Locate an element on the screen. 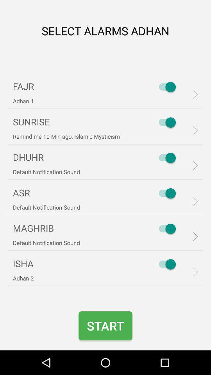 Image resolution: width=211 pixels, height=375 pixels. item next to the fajr item is located at coordinates (165, 87).